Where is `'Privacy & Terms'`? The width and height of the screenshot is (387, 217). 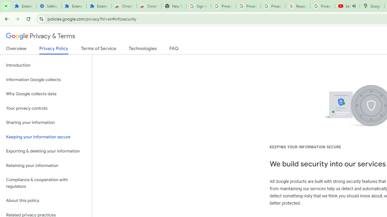 'Privacy & Terms' is located at coordinates (41, 36).